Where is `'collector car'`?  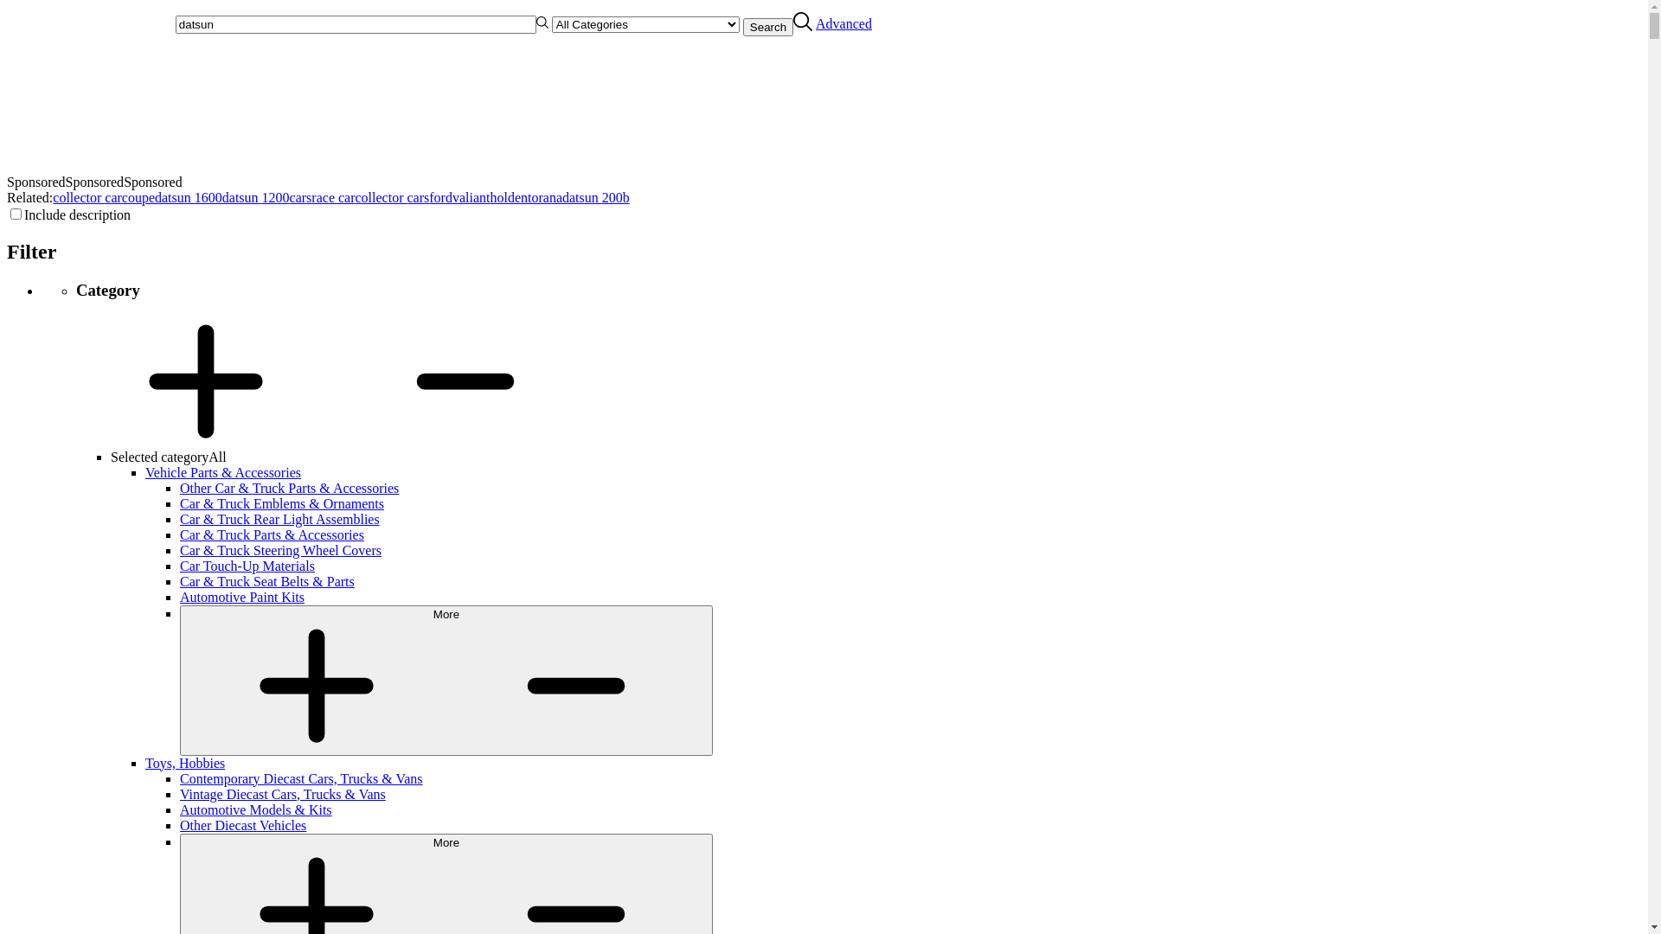 'collector car' is located at coordinates (86, 196).